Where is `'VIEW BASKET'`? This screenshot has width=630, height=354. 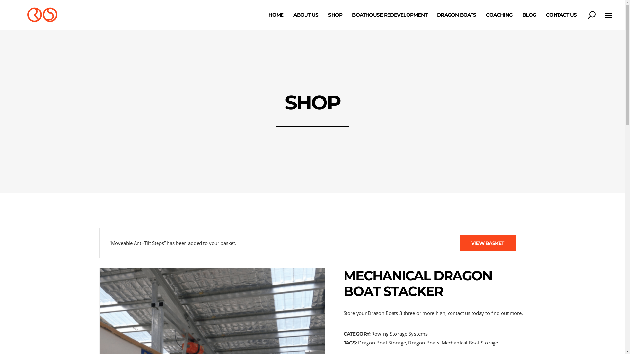 'VIEW BASKET' is located at coordinates (488, 243).